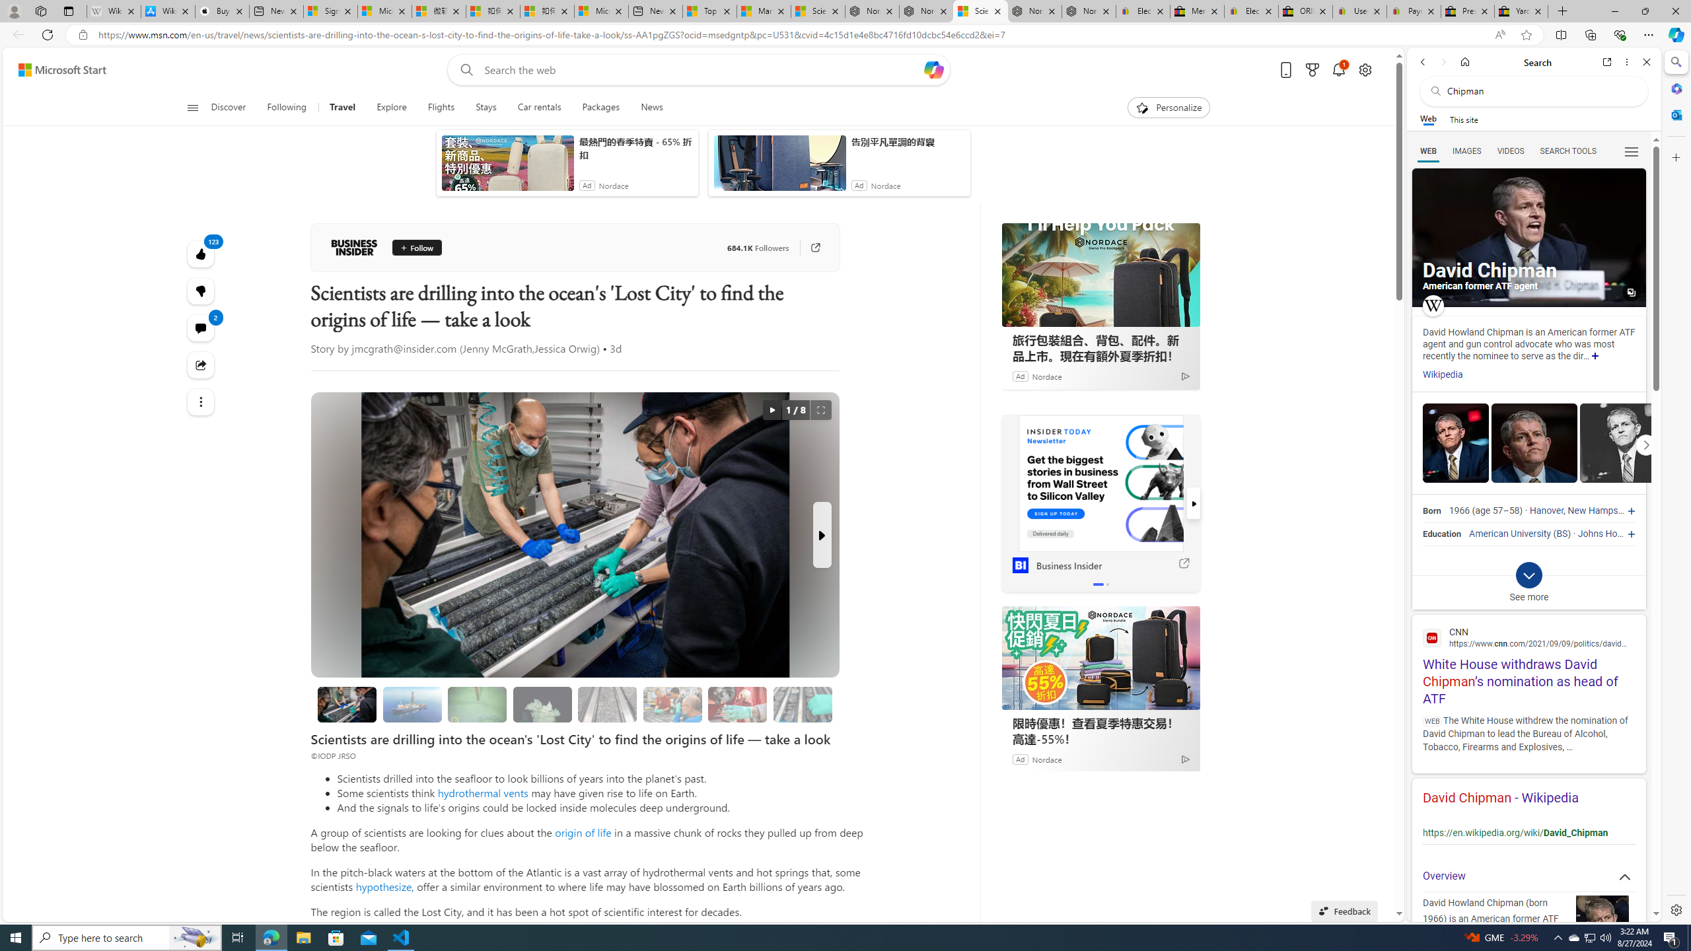 This screenshot has width=1691, height=951. What do you see at coordinates (1529, 876) in the screenshot?
I see `'Overview'` at bounding box center [1529, 876].